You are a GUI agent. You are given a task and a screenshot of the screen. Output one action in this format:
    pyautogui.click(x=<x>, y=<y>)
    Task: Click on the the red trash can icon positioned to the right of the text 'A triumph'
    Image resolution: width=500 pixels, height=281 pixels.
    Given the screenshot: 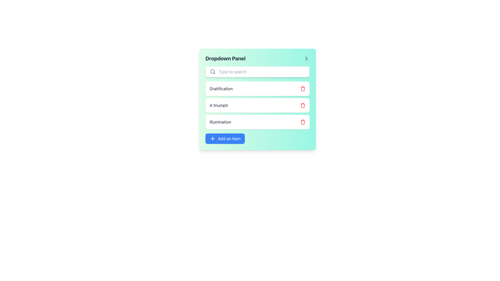 What is the action you would take?
    pyautogui.click(x=303, y=105)
    